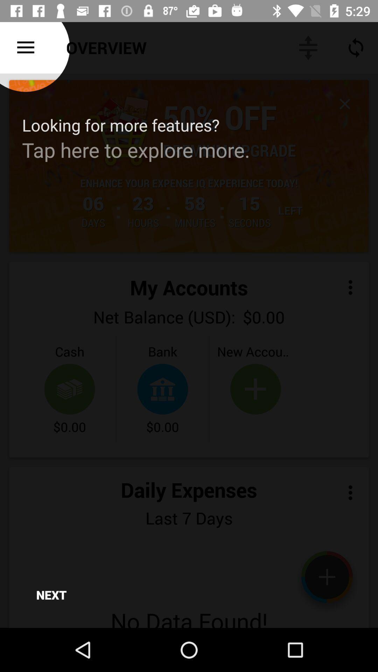 This screenshot has width=378, height=672. Describe the element at coordinates (356, 48) in the screenshot. I see `icon below time` at that location.